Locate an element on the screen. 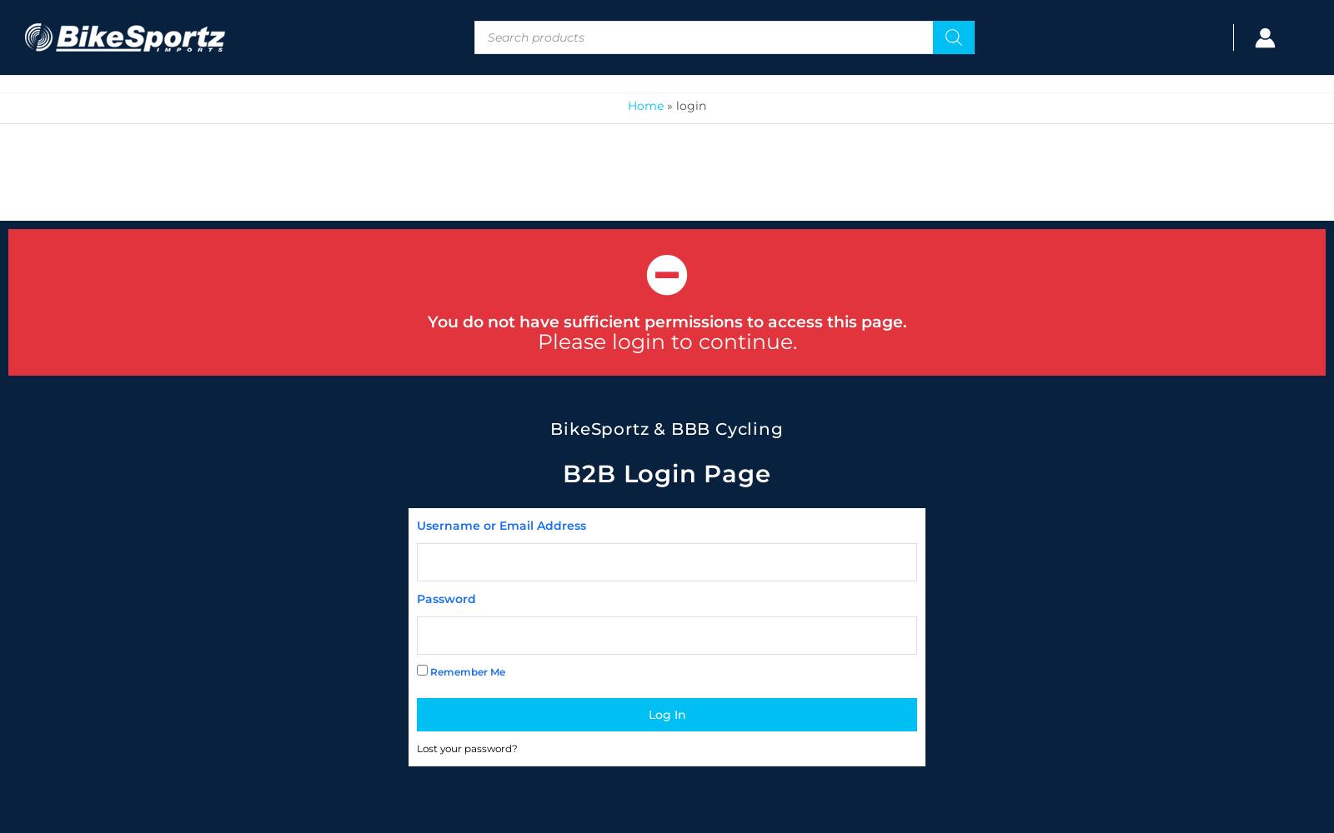  'BikeSportz & BBB Cycling' is located at coordinates (666, 429).